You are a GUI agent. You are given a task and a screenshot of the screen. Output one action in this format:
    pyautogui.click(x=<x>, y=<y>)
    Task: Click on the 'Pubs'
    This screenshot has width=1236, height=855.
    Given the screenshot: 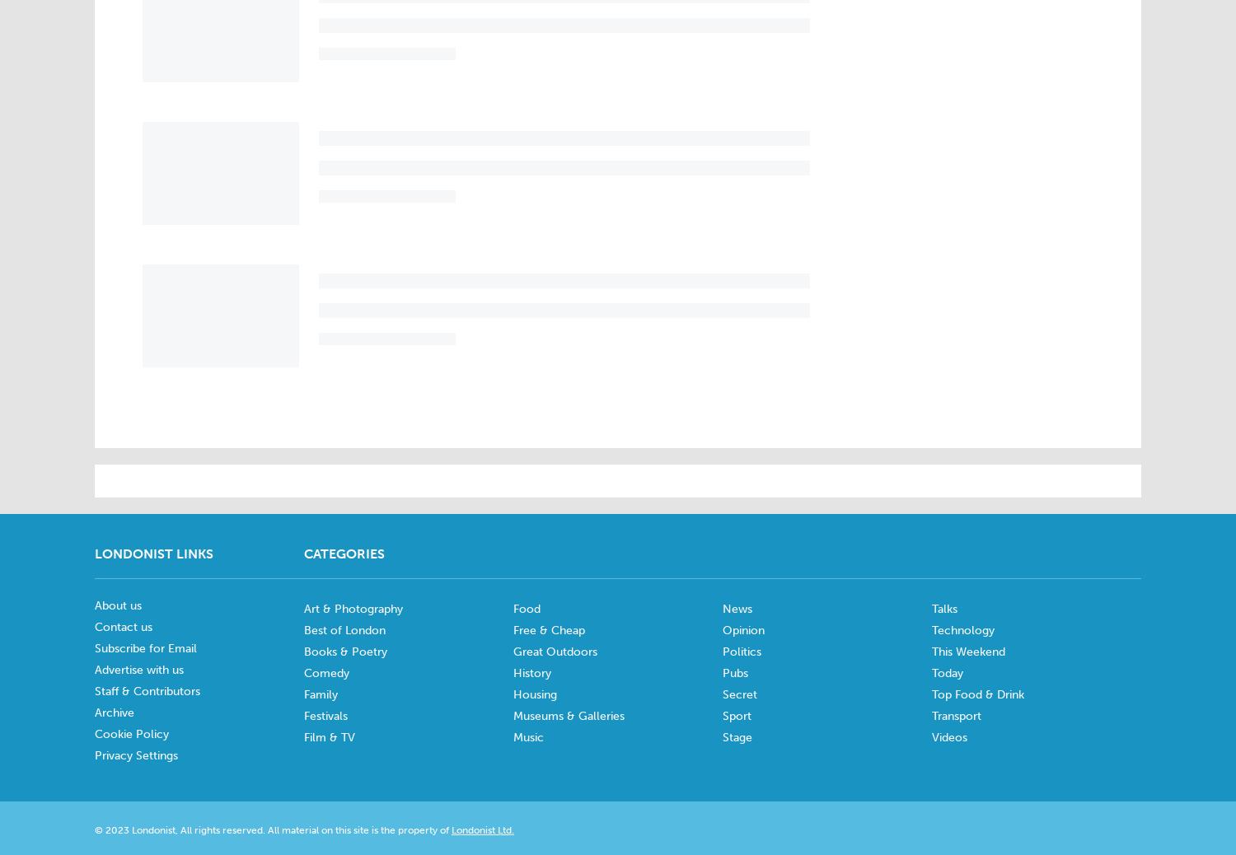 What is the action you would take?
    pyautogui.click(x=735, y=673)
    